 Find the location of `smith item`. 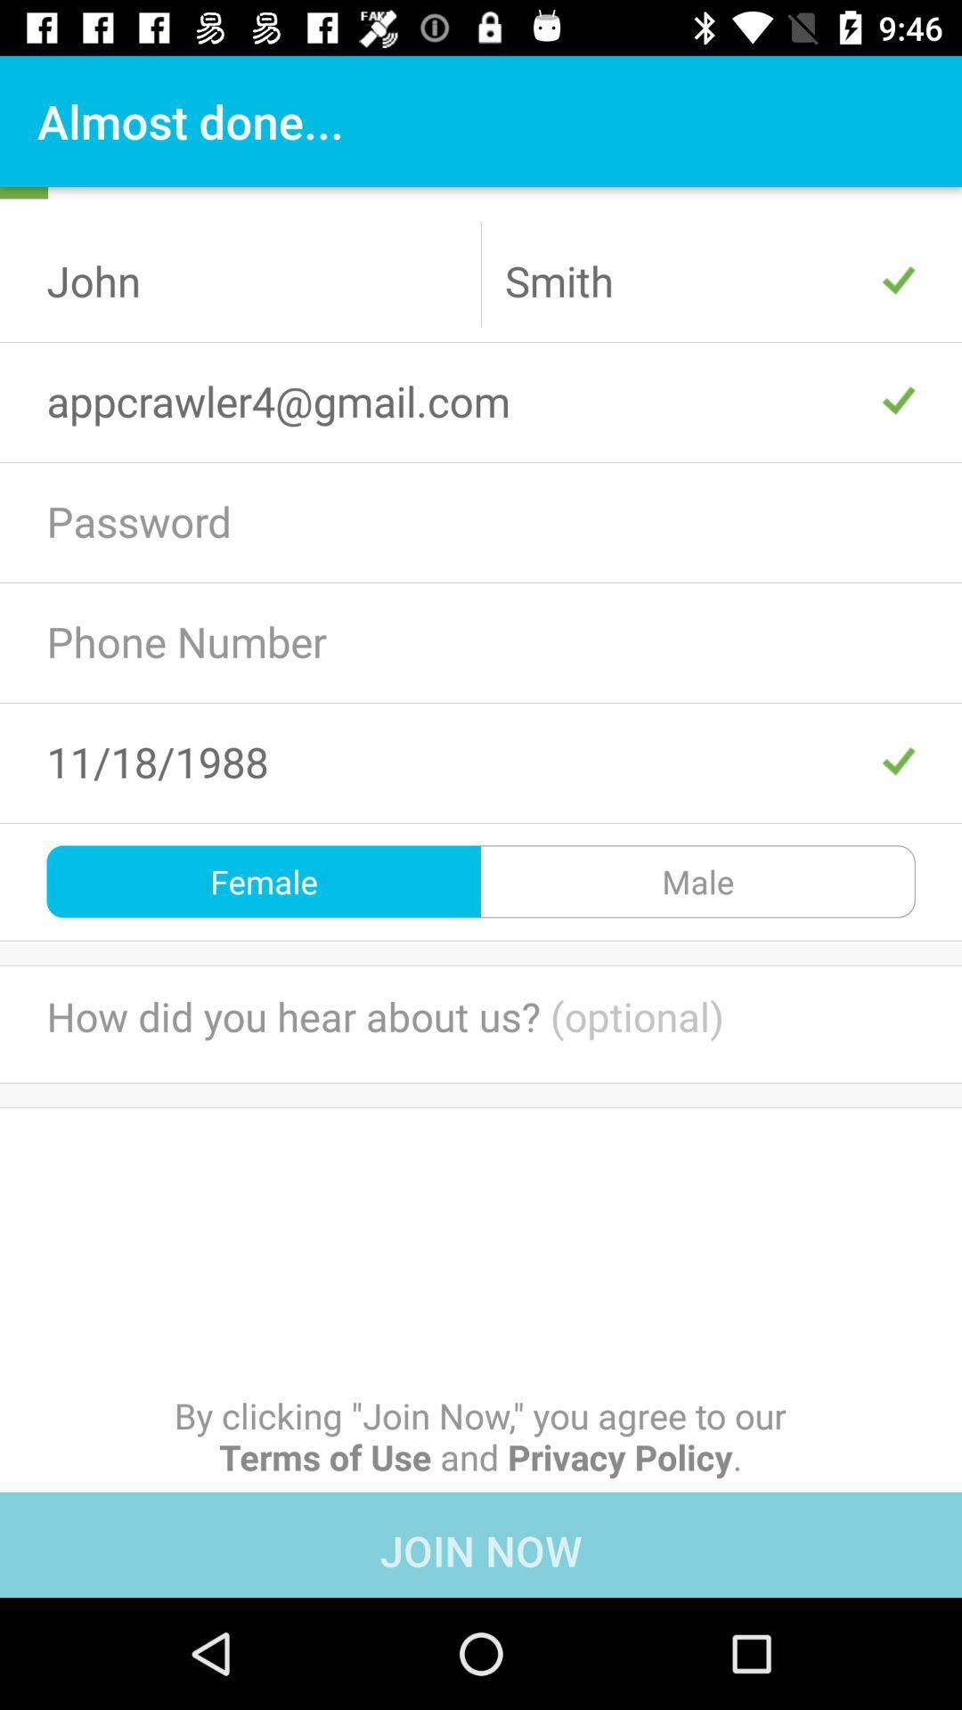

smith item is located at coordinates (709, 280).